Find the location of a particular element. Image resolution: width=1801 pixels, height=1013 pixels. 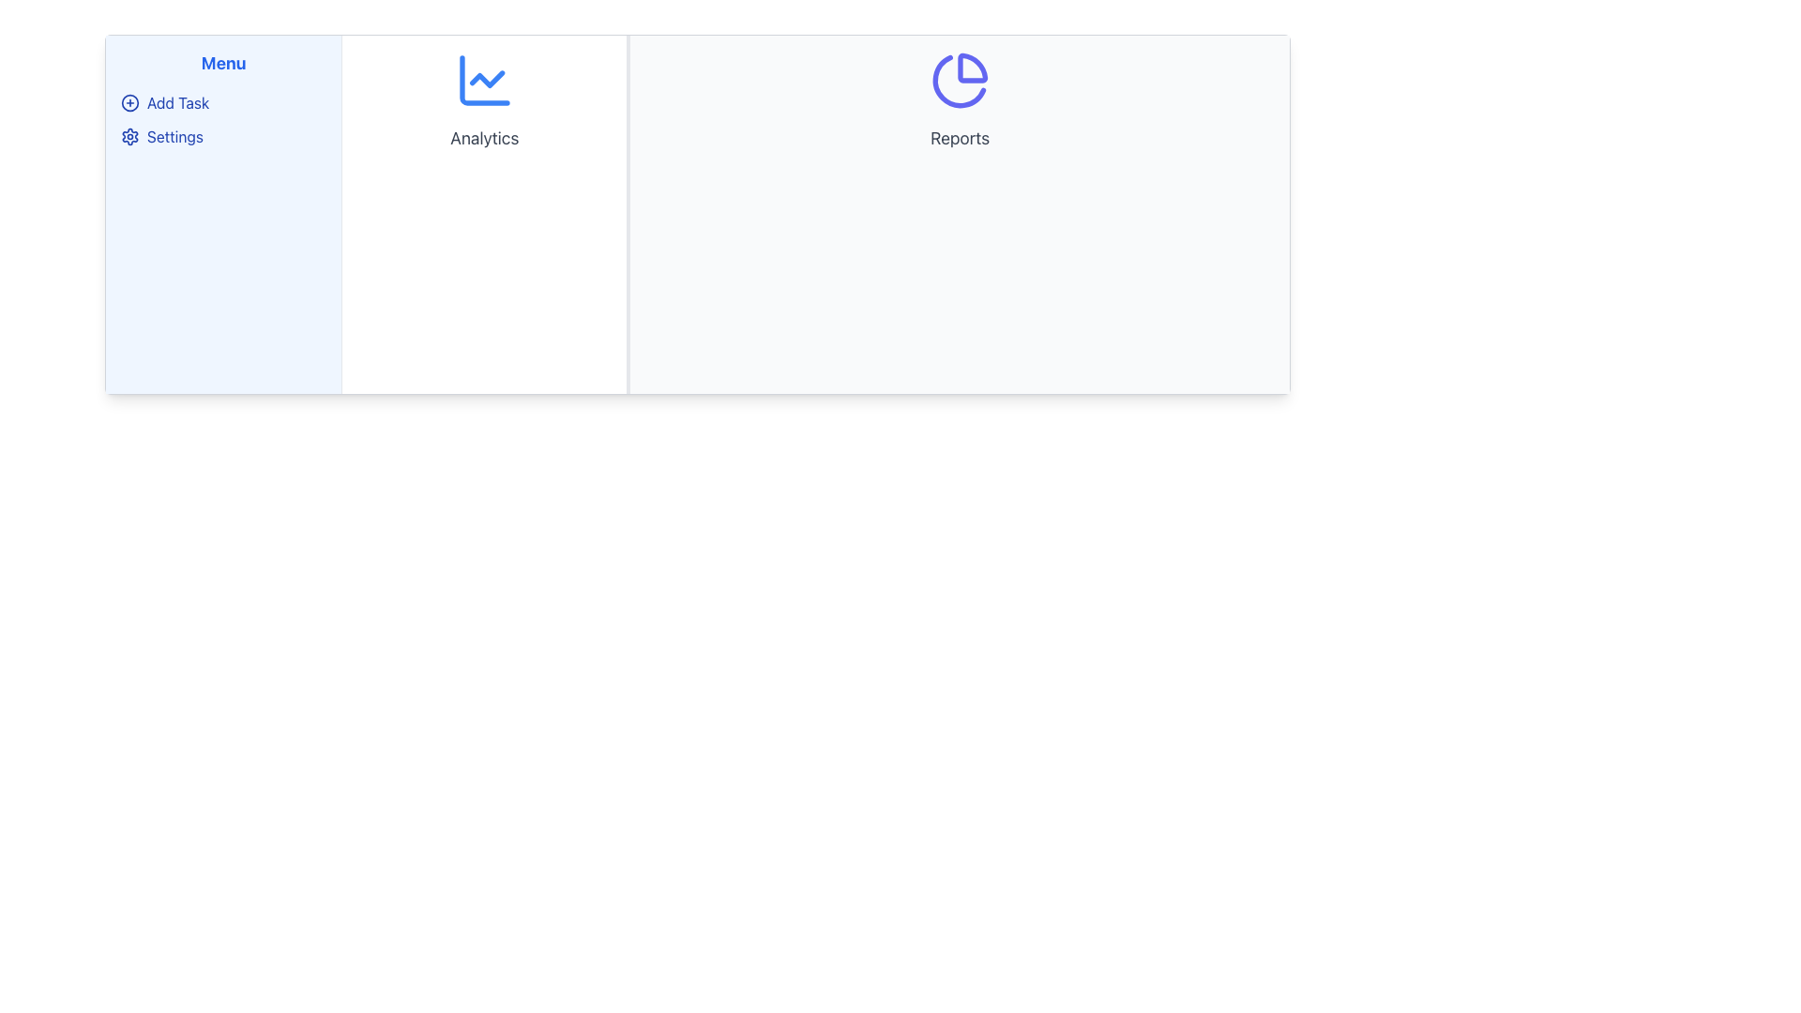

the 'Reports' text label, which is styled in gray and located below a pie chart icon in the white background area of the UI is located at coordinates (960, 137).